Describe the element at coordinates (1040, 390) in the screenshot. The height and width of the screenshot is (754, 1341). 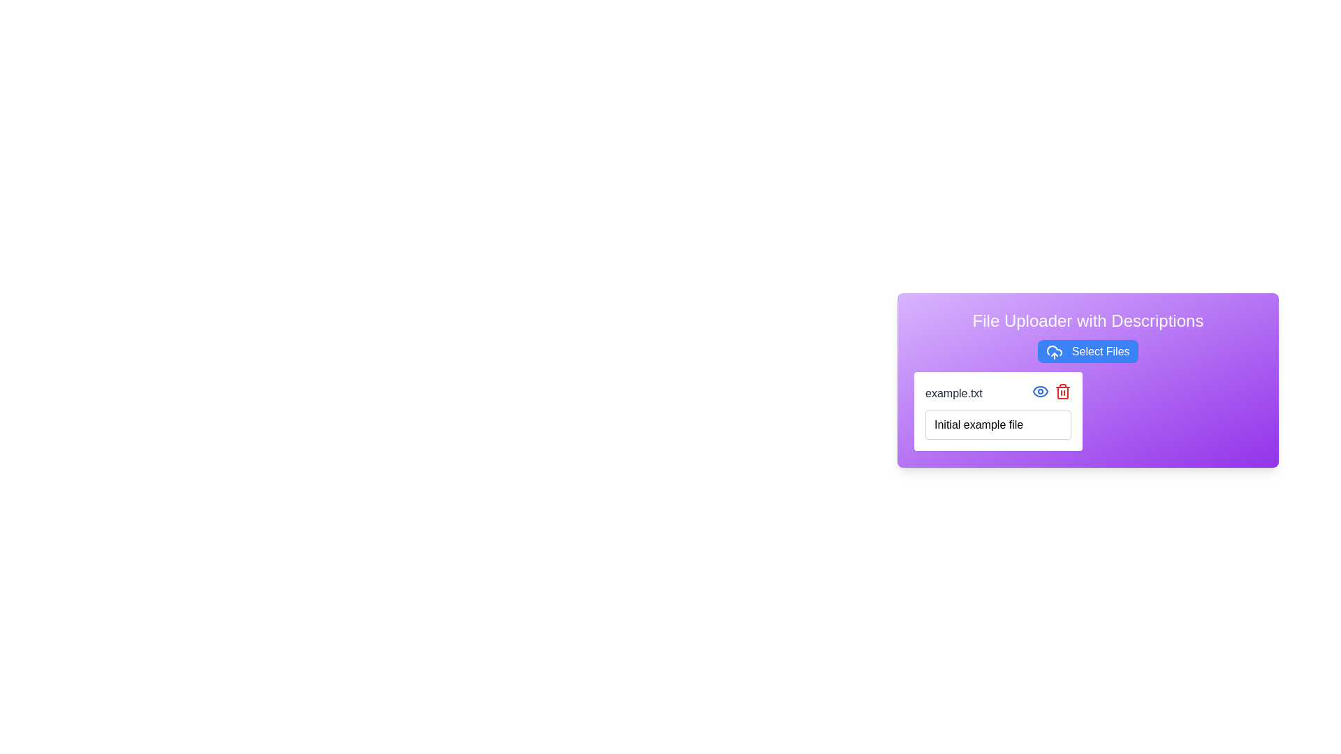
I see `the file preview button located to the left of the trash bin icon in the file card interface` at that location.